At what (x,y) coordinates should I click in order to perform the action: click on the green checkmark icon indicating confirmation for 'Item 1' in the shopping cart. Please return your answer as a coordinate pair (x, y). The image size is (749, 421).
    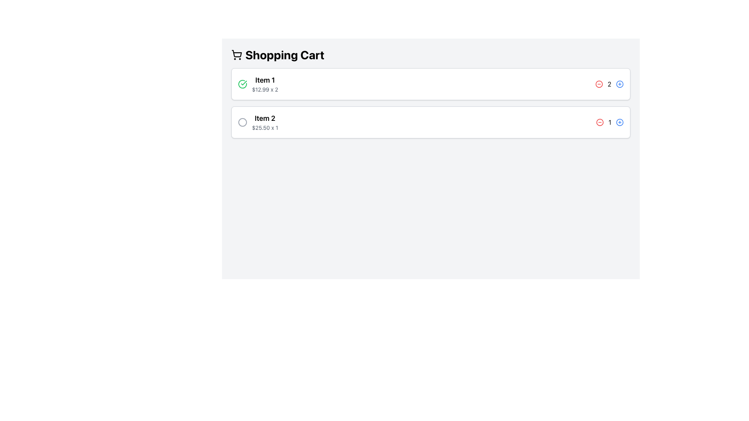
    Looking at the image, I should click on (242, 84).